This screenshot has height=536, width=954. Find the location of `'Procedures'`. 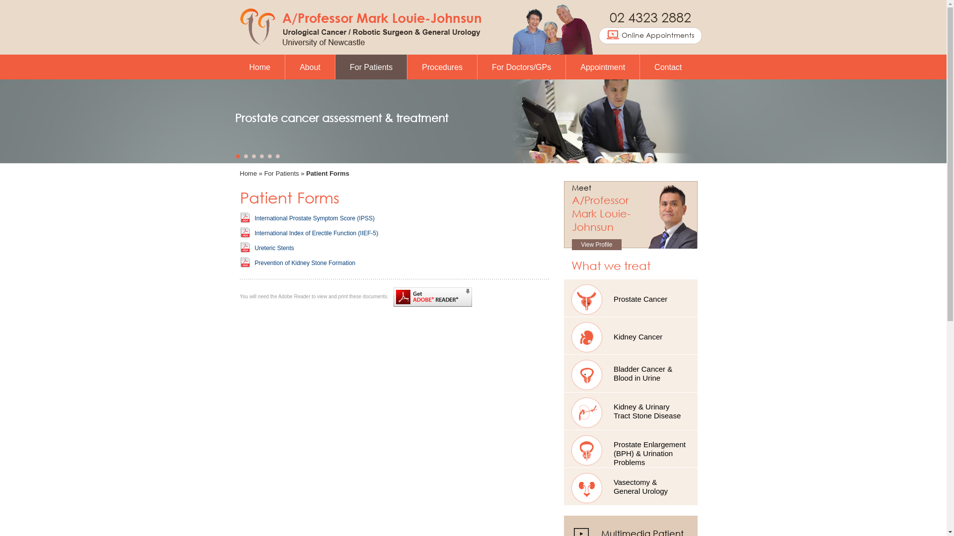

'Procedures' is located at coordinates (441, 67).